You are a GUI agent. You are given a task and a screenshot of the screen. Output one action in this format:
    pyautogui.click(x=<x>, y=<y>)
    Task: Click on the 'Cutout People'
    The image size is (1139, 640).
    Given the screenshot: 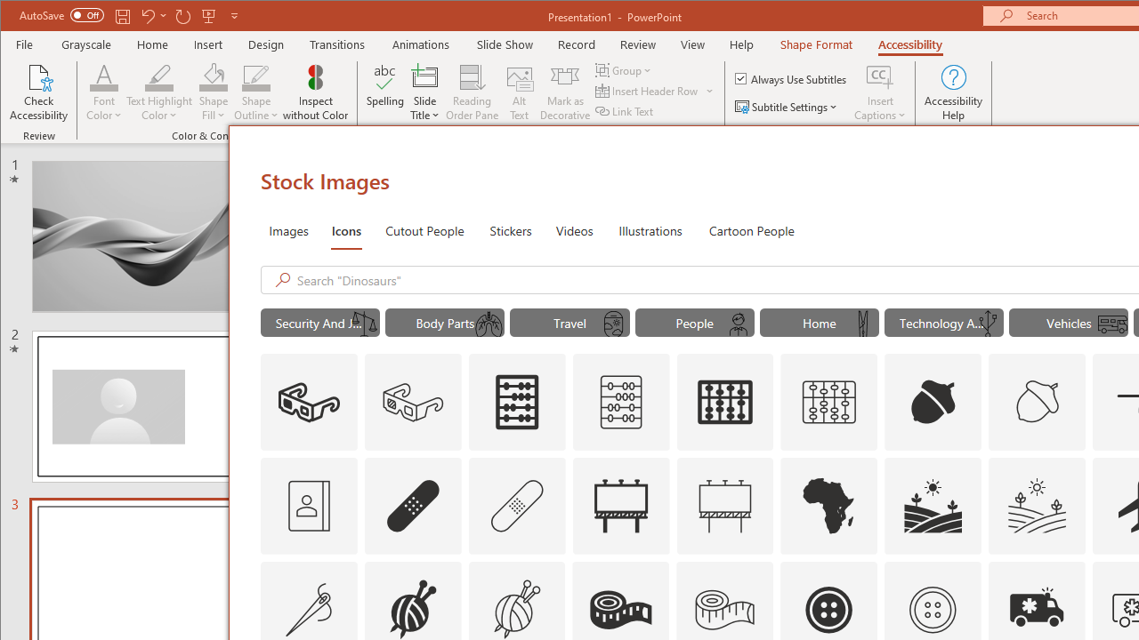 What is the action you would take?
    pyautogui.click(x=424, y=228)
    